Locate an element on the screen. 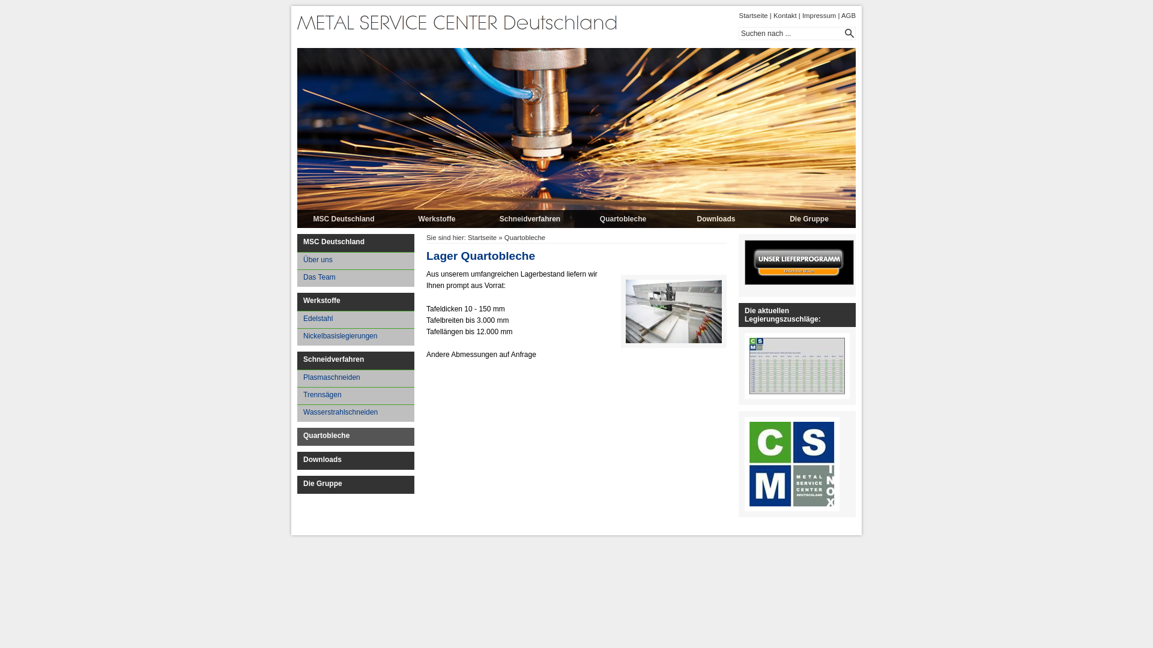 The width and height of the screenshot is (1153, 648). 'AGB' is located at coordinates (847, 16).